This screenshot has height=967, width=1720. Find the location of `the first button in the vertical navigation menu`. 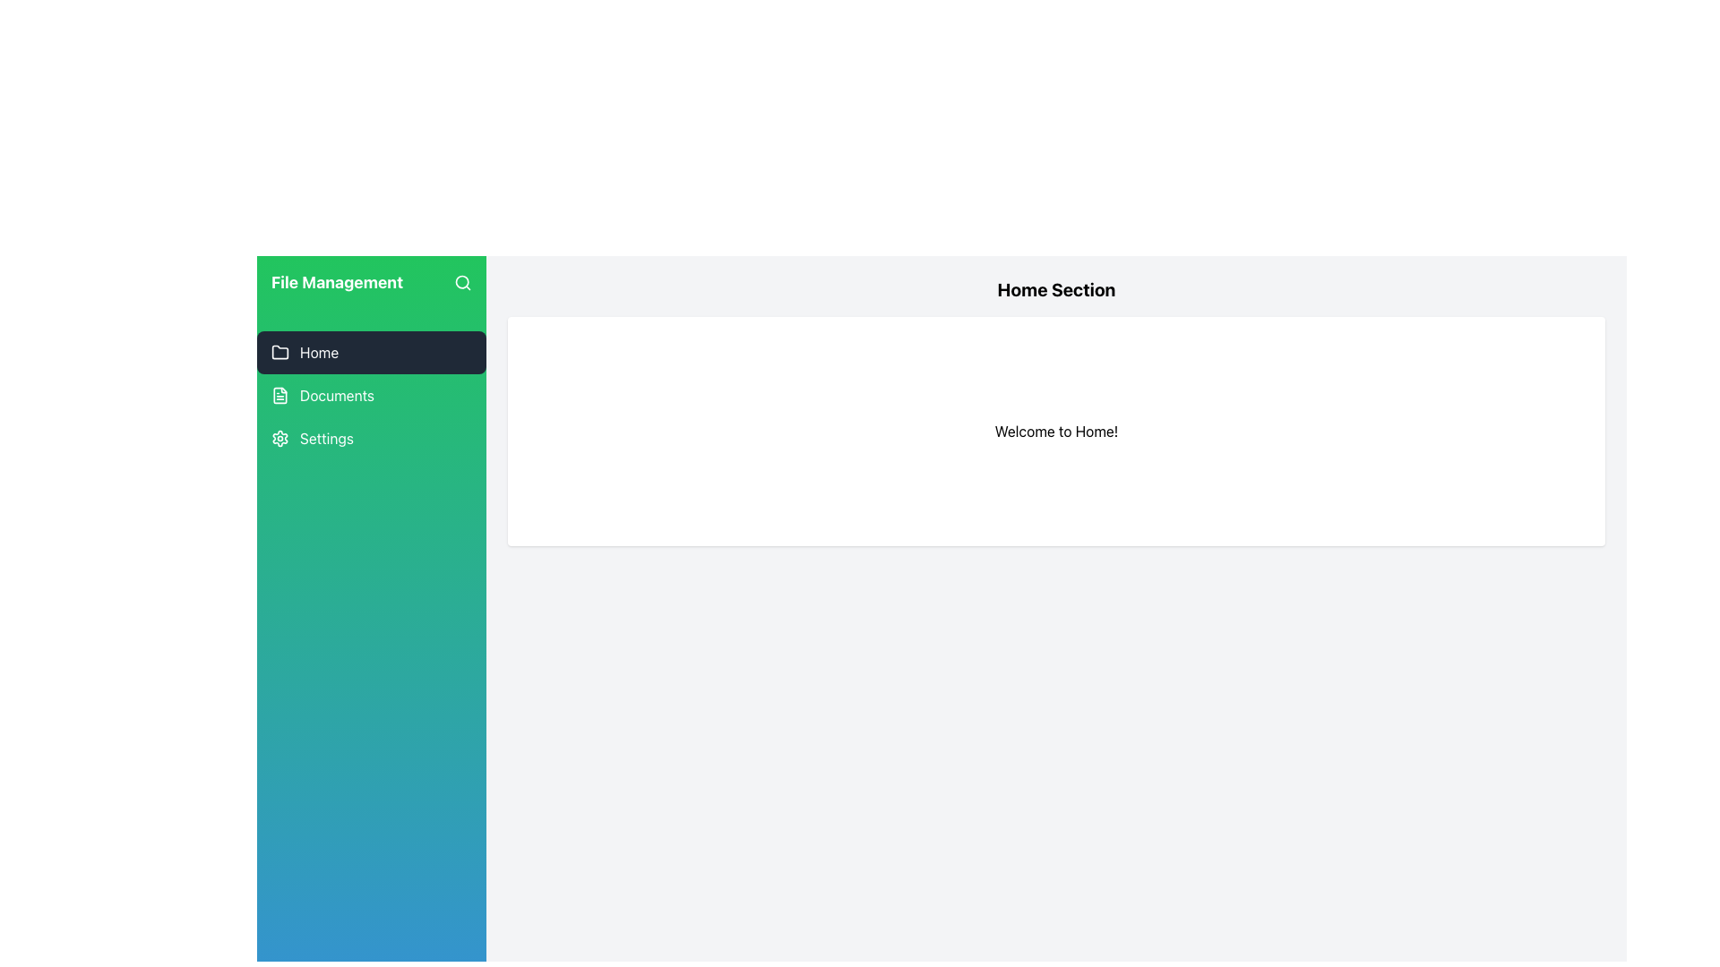

the first button in the vertical navigation menu is located at coordinates (370, 352).